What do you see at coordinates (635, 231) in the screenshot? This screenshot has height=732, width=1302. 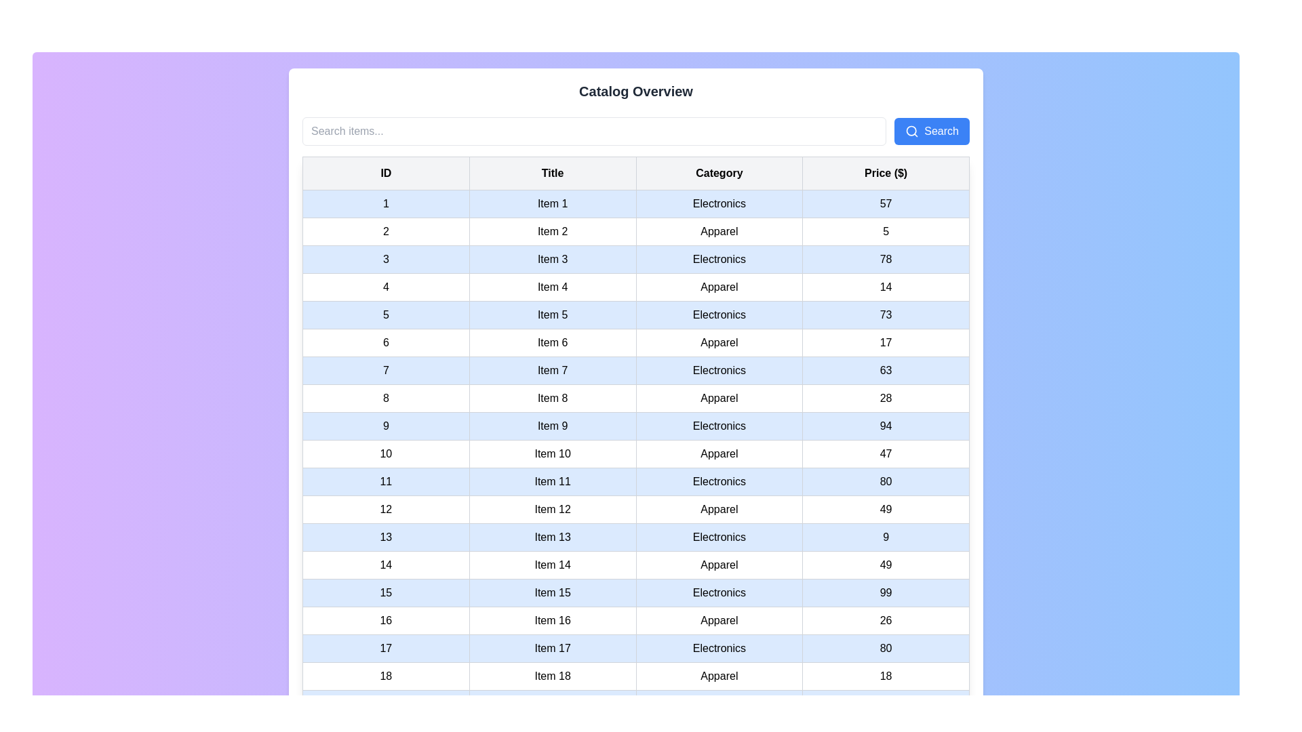 I see `the second row of the table, which has a light blue background and contains the values 2, Item 2, Apparel, and 5` at bounding box center [635, 231].